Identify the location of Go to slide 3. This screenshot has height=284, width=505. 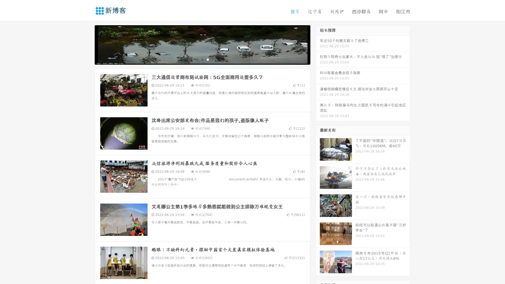
(208, 59).